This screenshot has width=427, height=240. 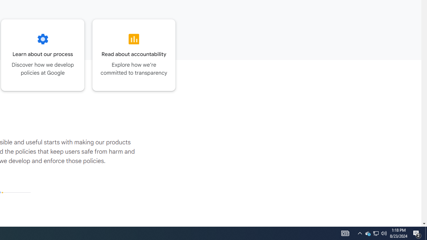 I want to click on 'Go to the Our process page', so click(x=42, y=55).